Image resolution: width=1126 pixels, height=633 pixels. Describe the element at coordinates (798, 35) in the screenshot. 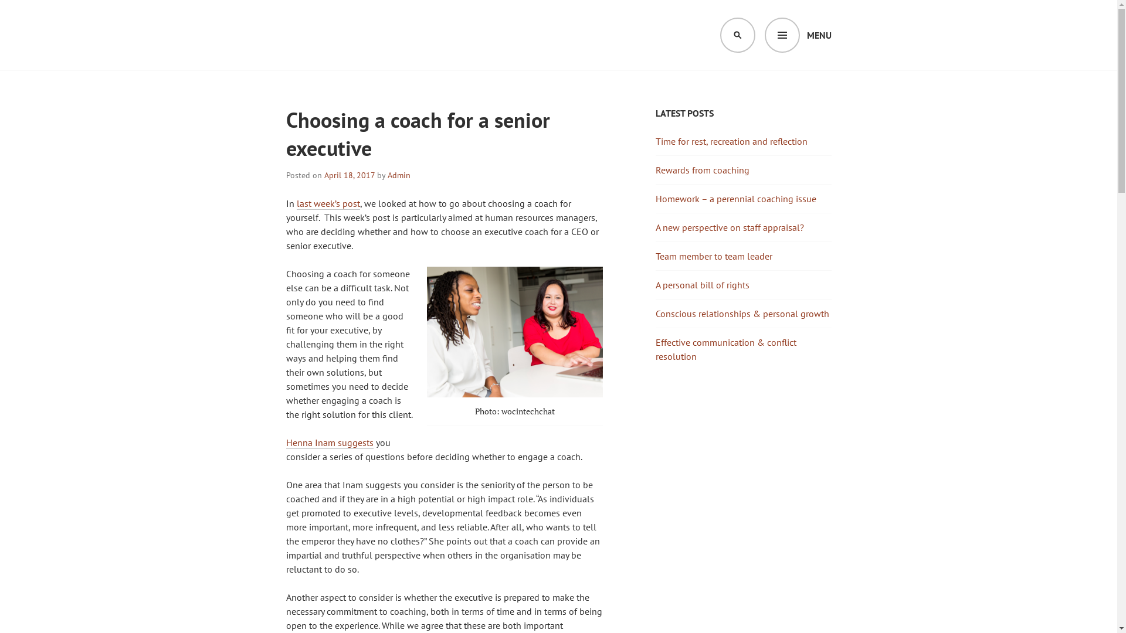

I see `'MENU'` at that location.